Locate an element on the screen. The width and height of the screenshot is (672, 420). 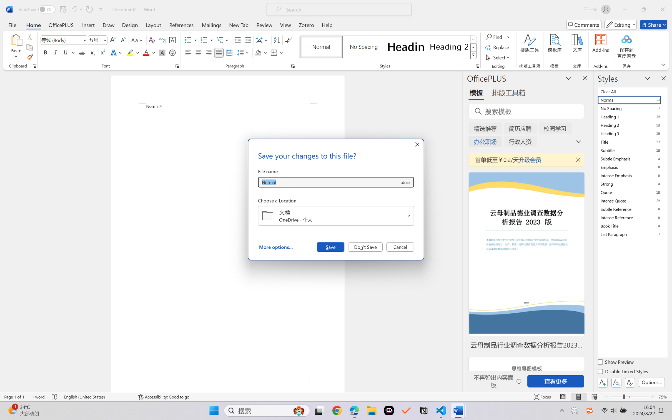
'Font...' is located at coordinates (177, 66).